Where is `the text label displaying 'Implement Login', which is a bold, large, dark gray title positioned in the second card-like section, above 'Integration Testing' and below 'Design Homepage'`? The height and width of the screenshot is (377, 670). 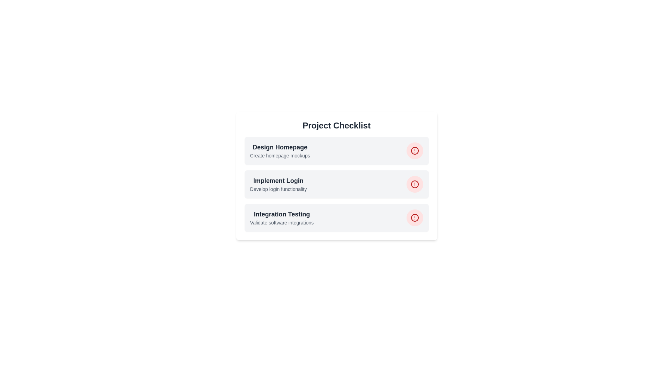 the text label displaying 'Implement Login', which is a bold, large, dark gray title positioned in the second card-like section, above 'Integration Testing' and below 'Design Homepage' is located at coordinates (278, 180).